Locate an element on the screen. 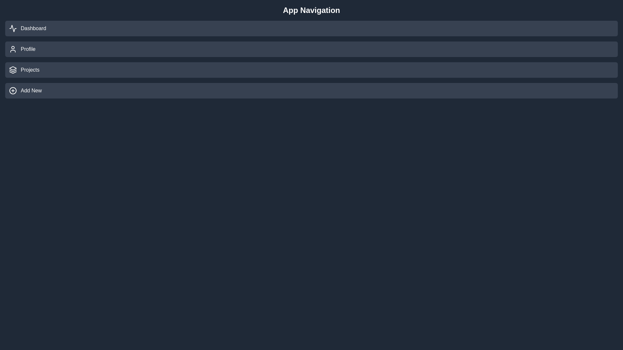 Image resolution: width=623 pixels, height=350 pixels. the 'Add New' text label, which is styled in white over a dark background and positioned beneath the 'Projects' item in the navigation list is located at coordinates (31, 91).